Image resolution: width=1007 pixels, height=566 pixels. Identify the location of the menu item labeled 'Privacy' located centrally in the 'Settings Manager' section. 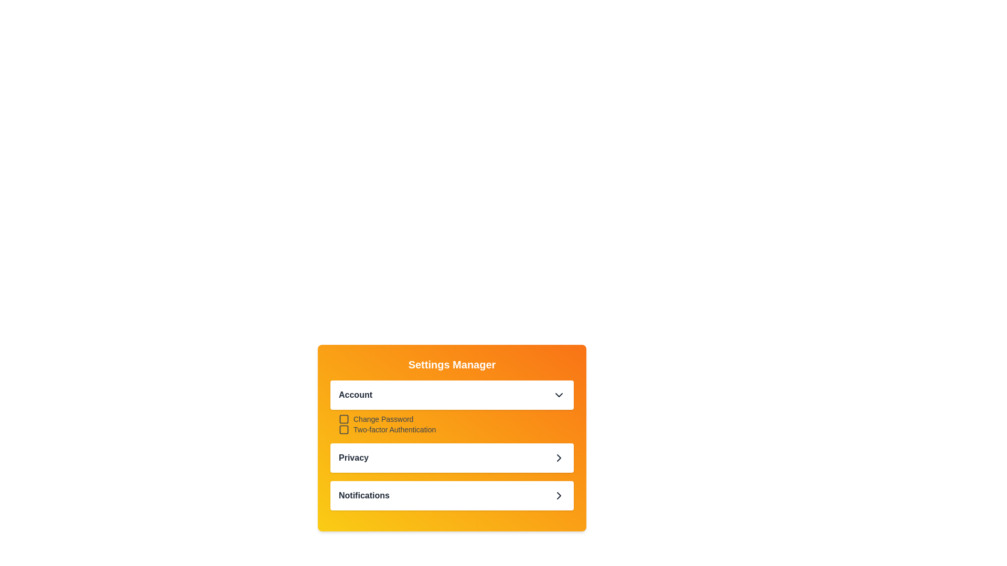
(452, 458).